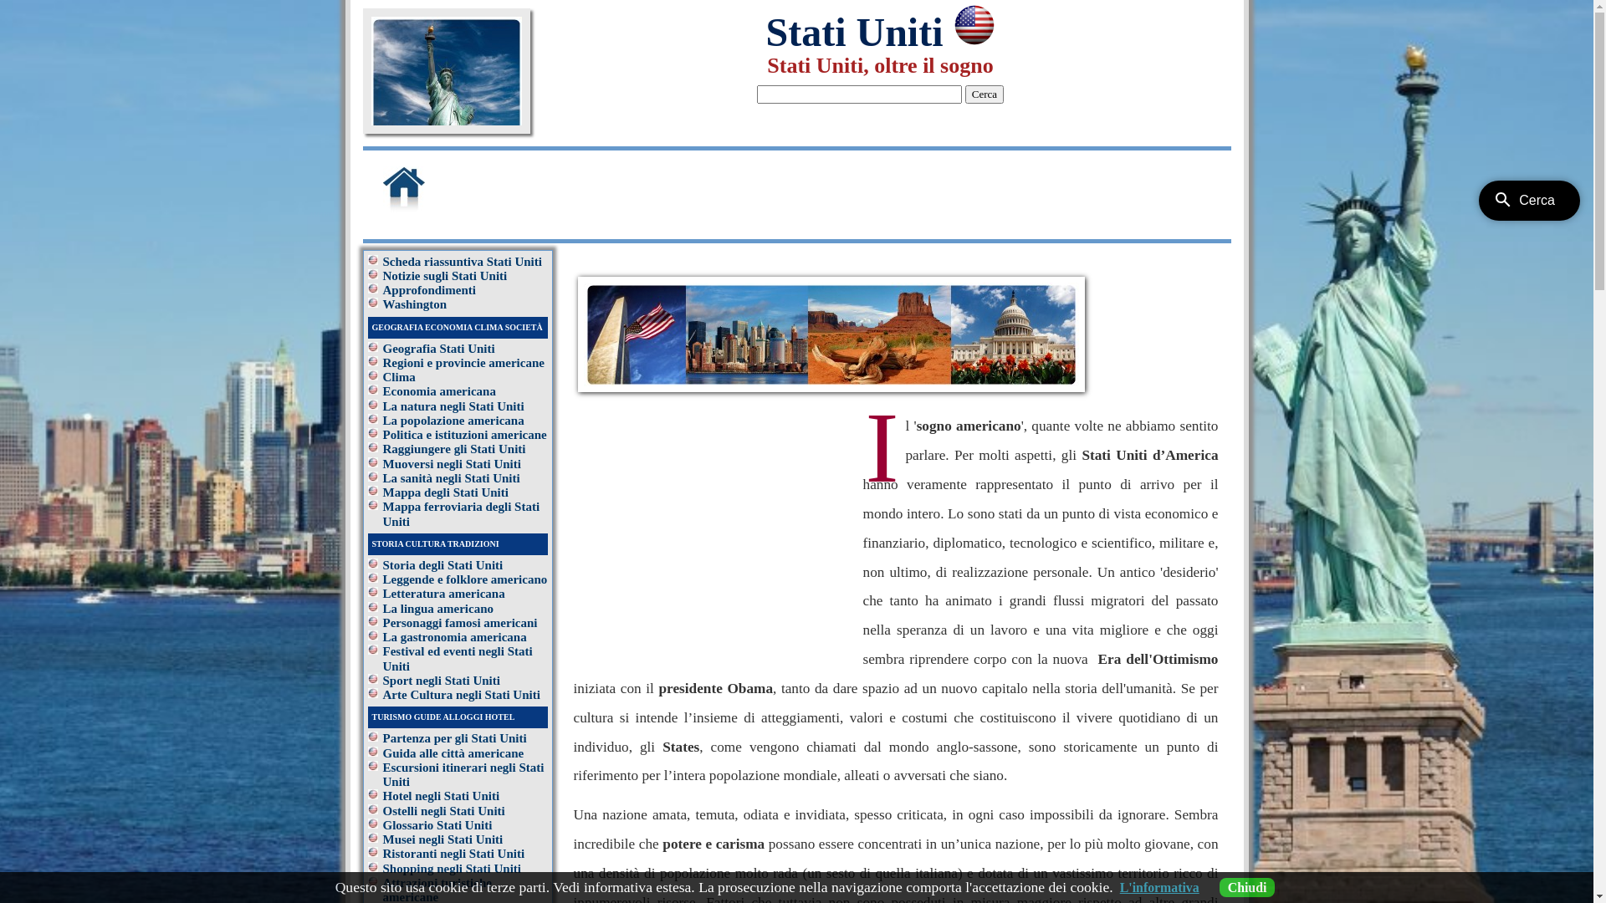 Image resolution: width=1606 pixels, height=903 pixels. Describe the element at coordinates (454, 447) in the screenshot. I see `'Raggiungere gli Stati Uniti'` at that location.